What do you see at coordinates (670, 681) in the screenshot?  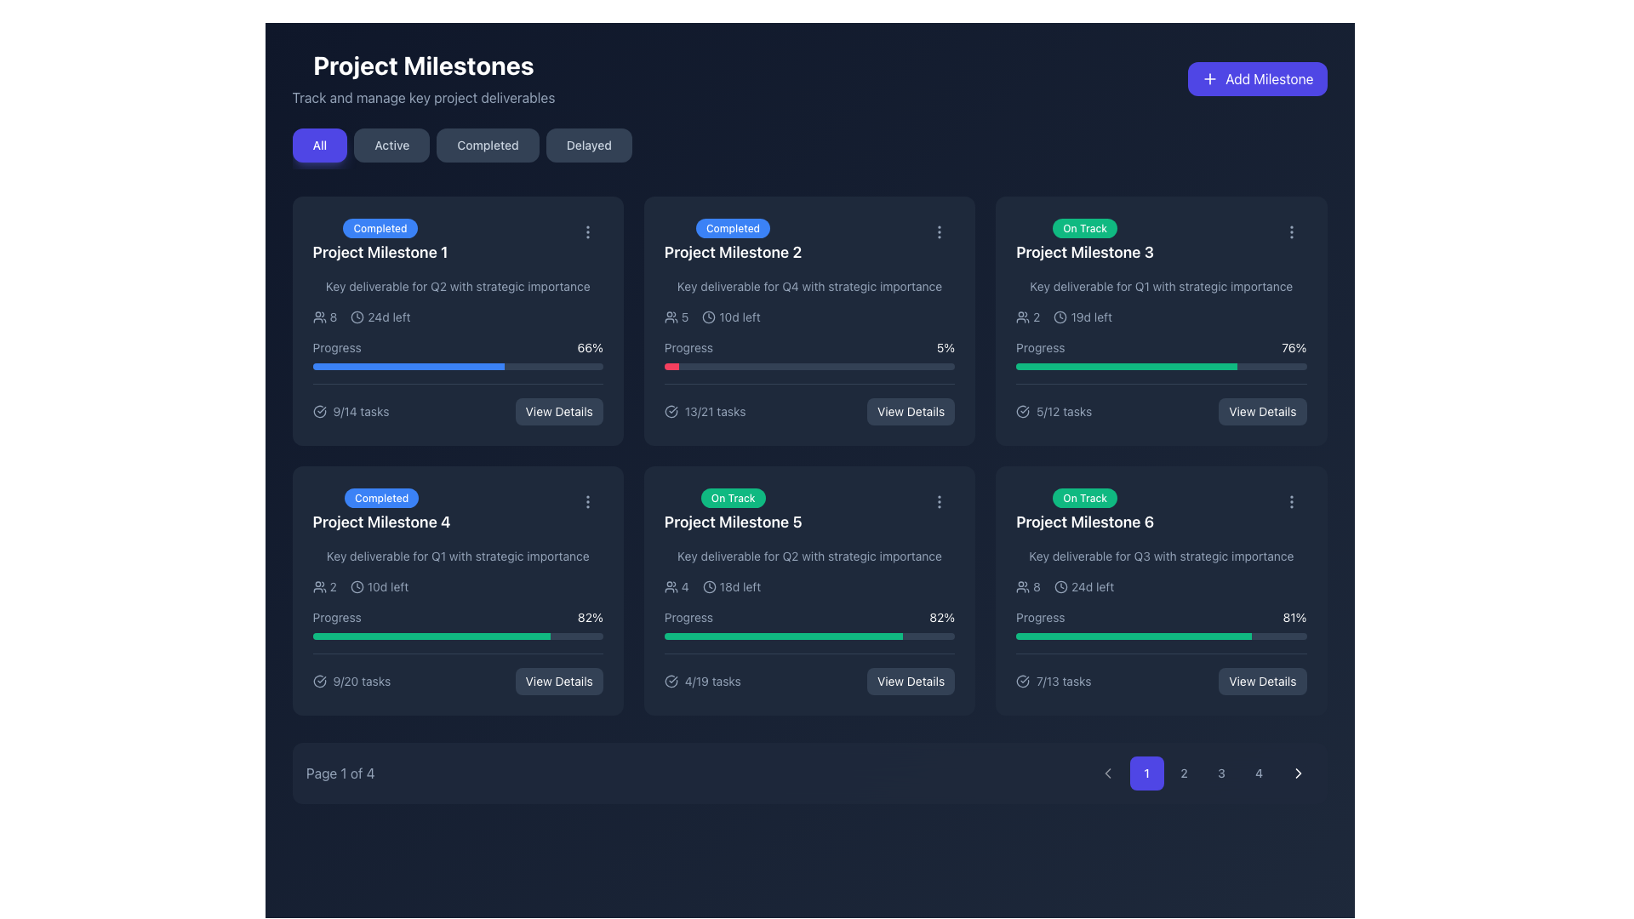 I see `the circular check icon located within the 'Project Milestone 5' card, positioned left of the text '4/19 tasks'` at bounding box center [670, 681].